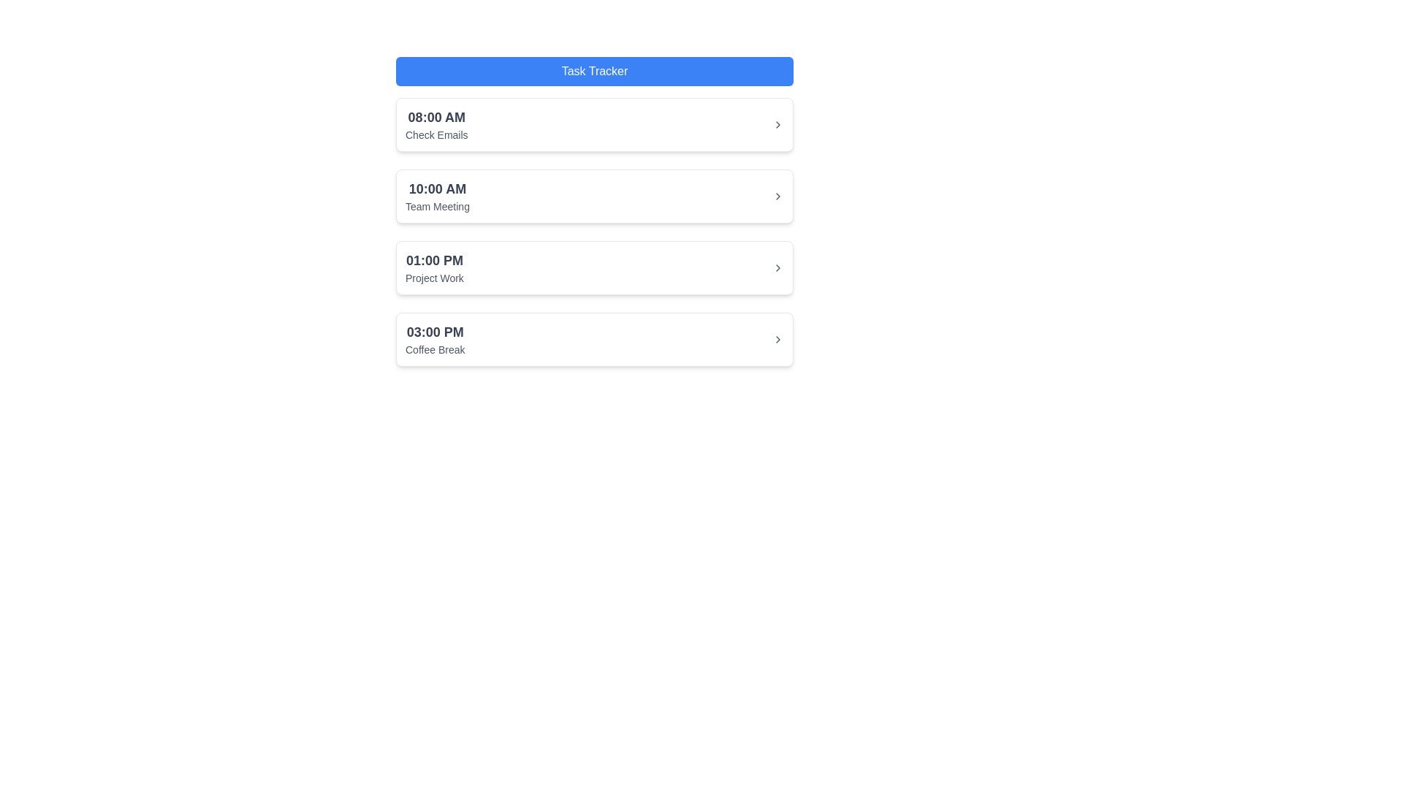  What do you see at coordinates (434, 278) in the screenshot?
I see `the static text element located below '01:00 PM' in the third card of the vertical list of time entries` at bounding box center [434, 278].